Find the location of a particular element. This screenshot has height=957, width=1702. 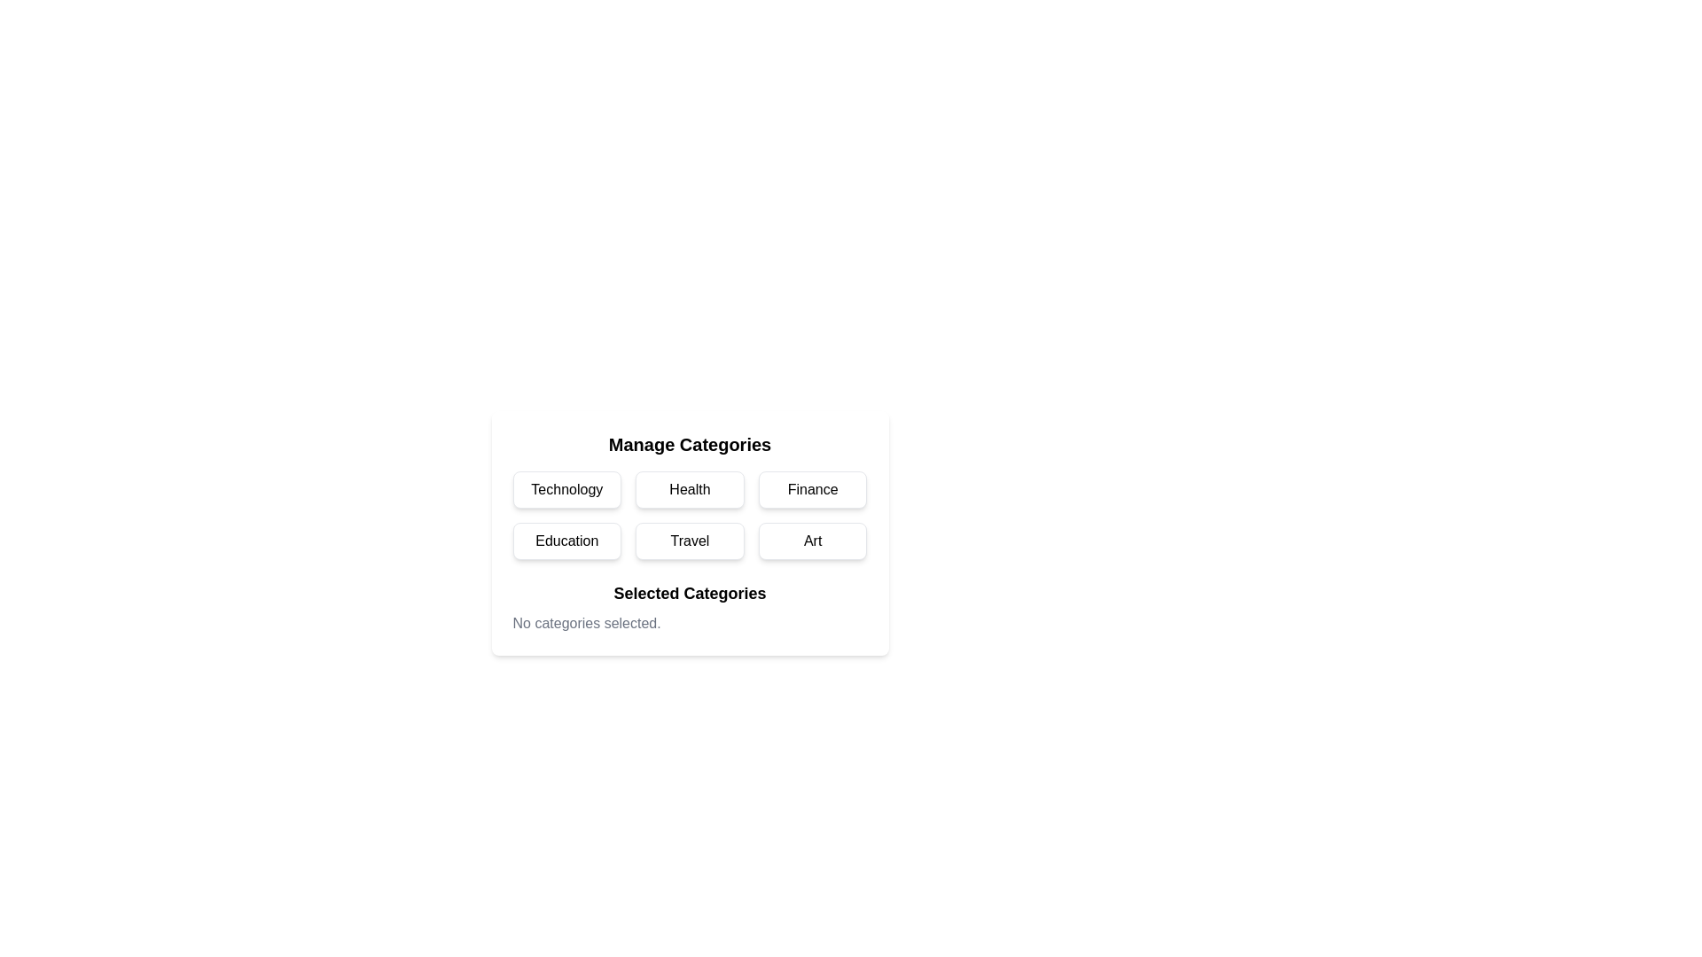

text displayed in the summary of currently selected categories inside the 'Manage Categories' vertical panel, located below the category buttons and above the bottom edge of the panel is located at coordinates (689, 607).